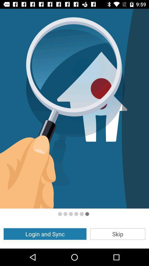  What do you see at coordinates (45, 234) in the screenshot?
I see `the item at the bottom left corner` at bounding box center [45, 234].